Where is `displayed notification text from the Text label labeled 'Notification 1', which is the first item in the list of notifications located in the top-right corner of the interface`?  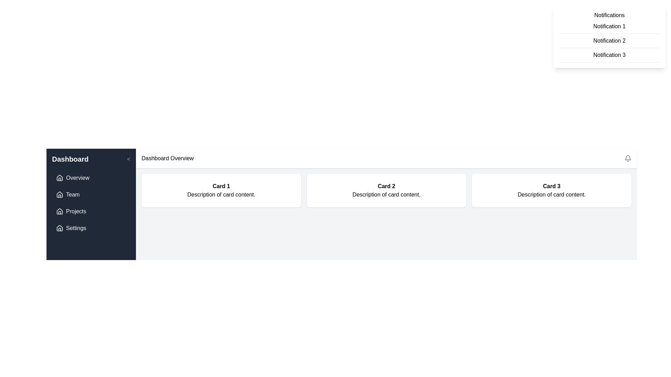 displayed notification text from the Text label labeled 'Notification 1', which is the first item in the list of notifications located in the top-right corner of the interface is located at coordinates (609, 26).